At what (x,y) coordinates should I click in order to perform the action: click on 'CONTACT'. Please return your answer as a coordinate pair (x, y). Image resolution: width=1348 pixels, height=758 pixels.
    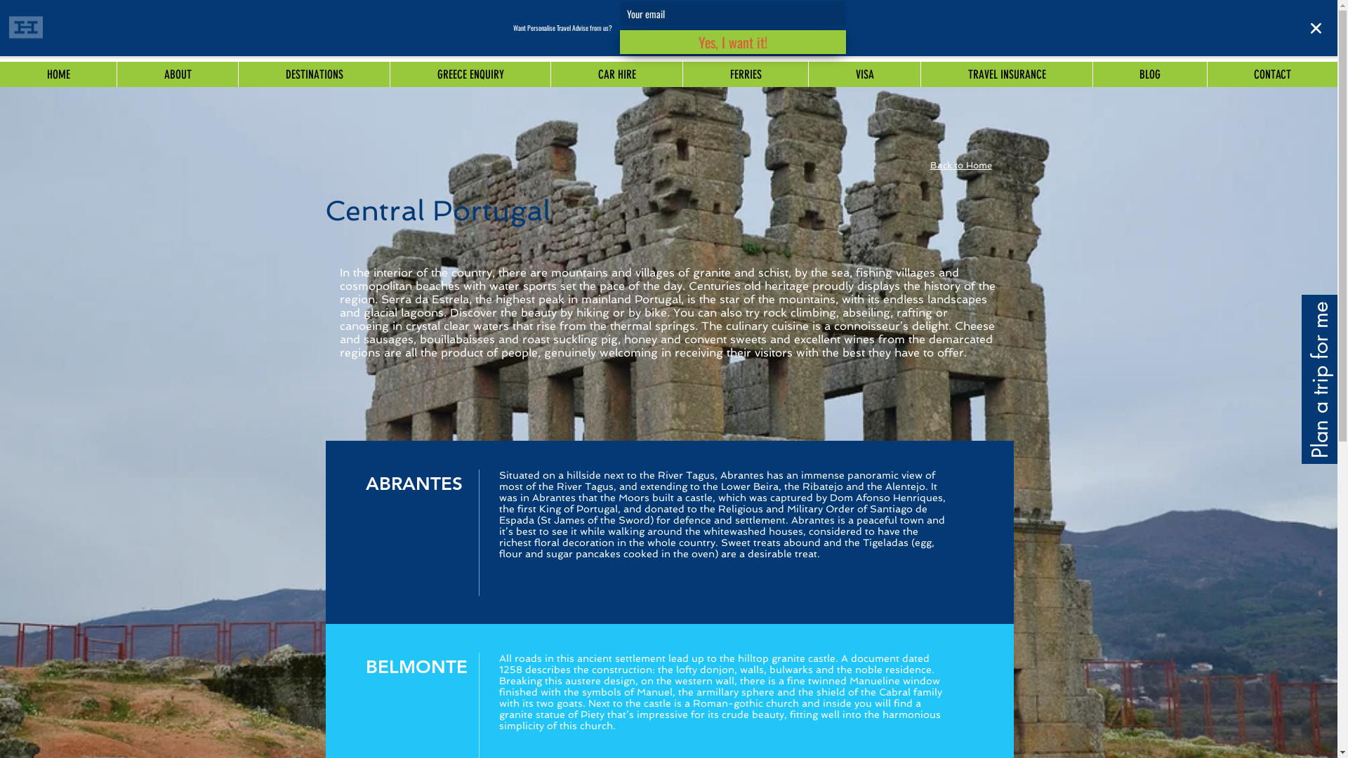
    Looking at the image, I should click on (1205, 74).